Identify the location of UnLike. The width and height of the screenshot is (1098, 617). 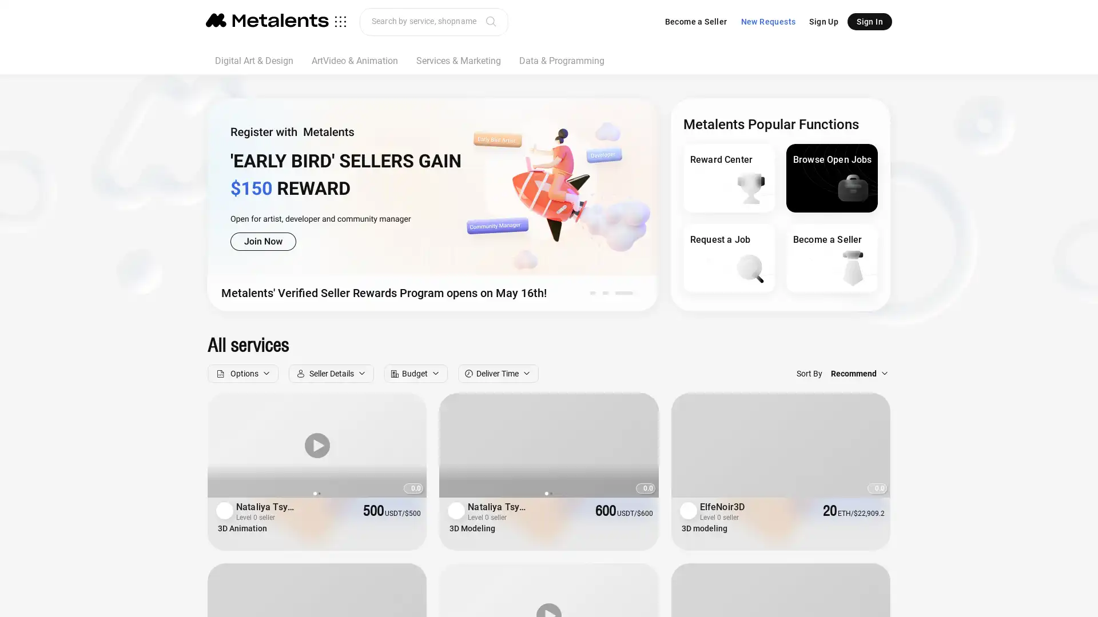
(875, 531).